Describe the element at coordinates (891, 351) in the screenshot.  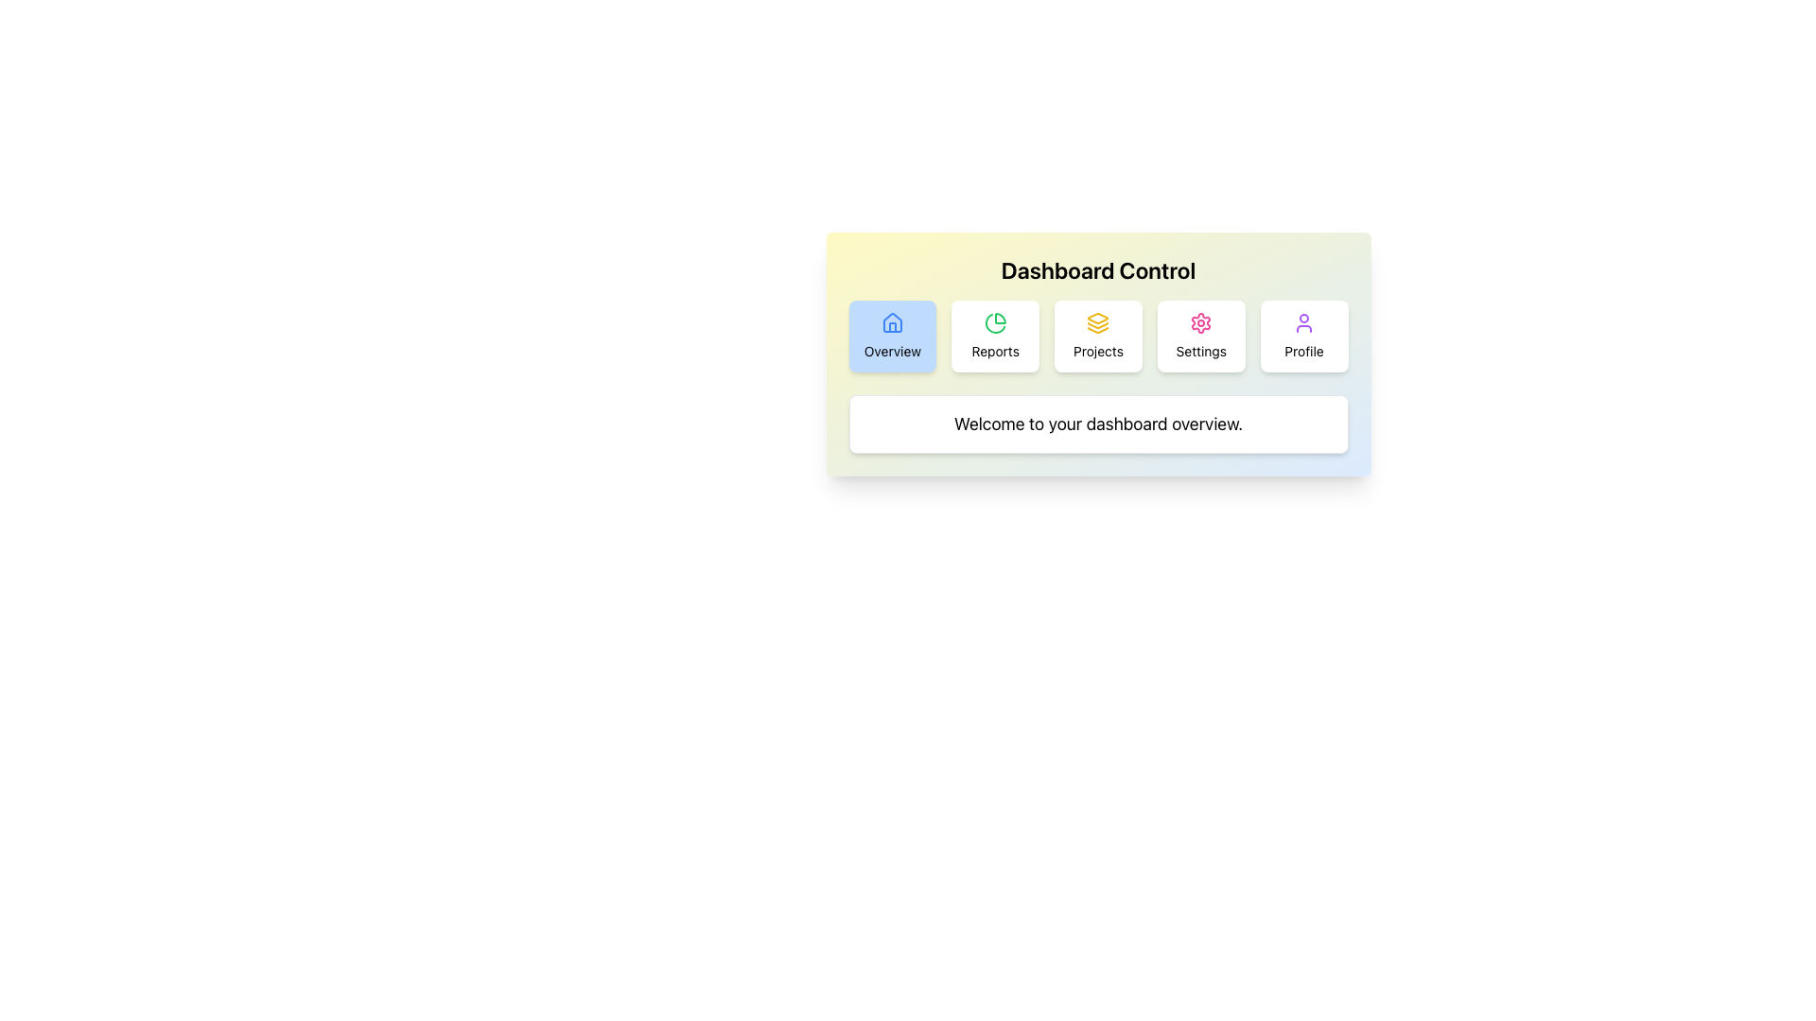
I see `the text content of the 'Overview' label, which is styled with a 'text-sm' class and is located below a house icon within the Dashboard Control section` at that location.